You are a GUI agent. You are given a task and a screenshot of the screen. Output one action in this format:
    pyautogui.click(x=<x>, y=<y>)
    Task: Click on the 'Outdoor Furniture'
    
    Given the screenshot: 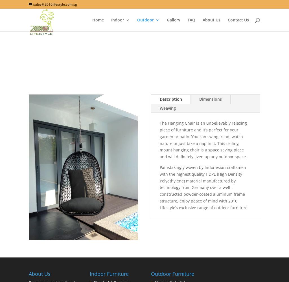 What is the action you would take?
    pyautogui.click(x=172, y=273)
    